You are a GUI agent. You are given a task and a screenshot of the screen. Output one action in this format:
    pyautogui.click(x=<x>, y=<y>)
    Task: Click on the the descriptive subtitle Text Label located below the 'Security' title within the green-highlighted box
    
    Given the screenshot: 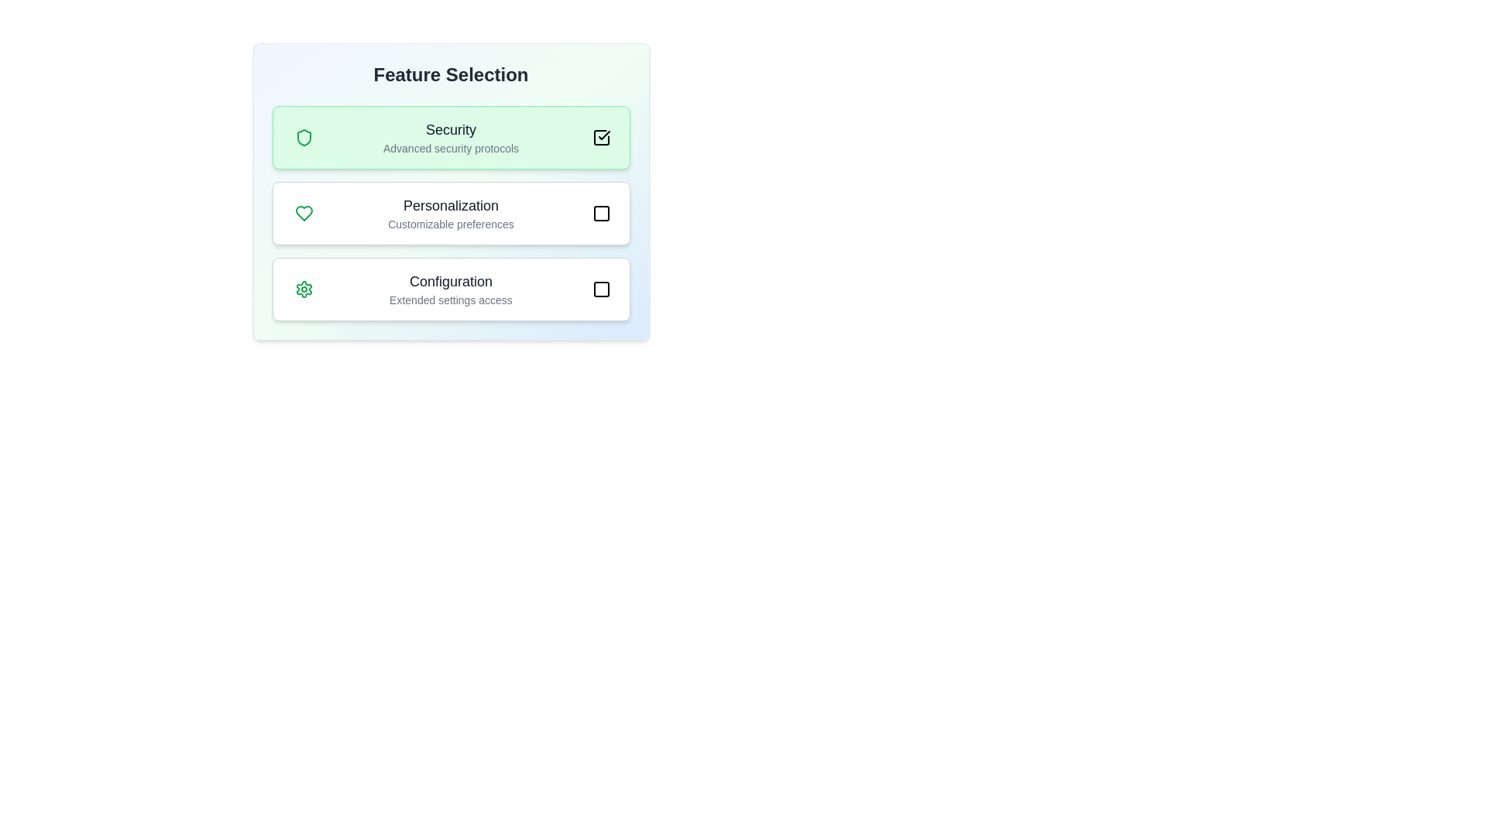 What is the action you would take?
    pyautogui.click(x=450, y=149)
    